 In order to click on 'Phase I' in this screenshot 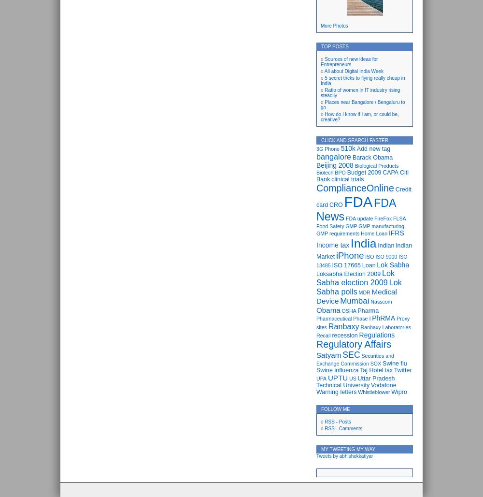, I will do `click(361, 319)`.